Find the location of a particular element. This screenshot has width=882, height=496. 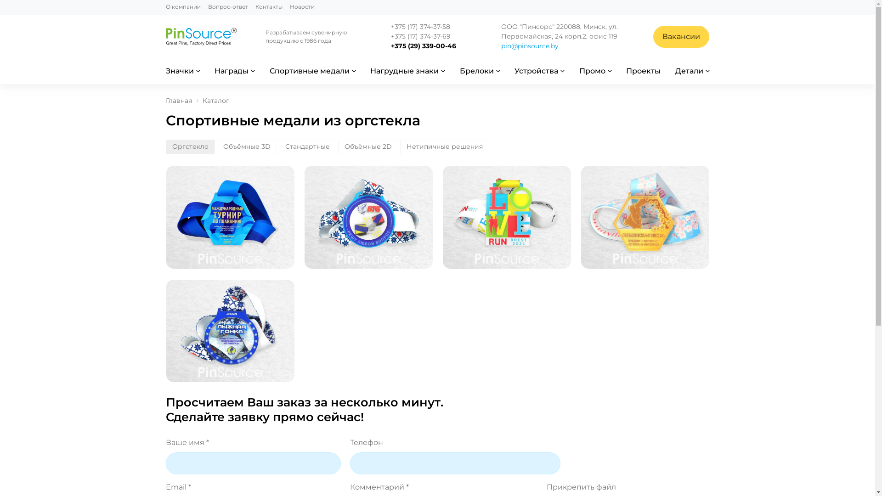

'pin@pinsource.by' is located at coordinates (530, 46).